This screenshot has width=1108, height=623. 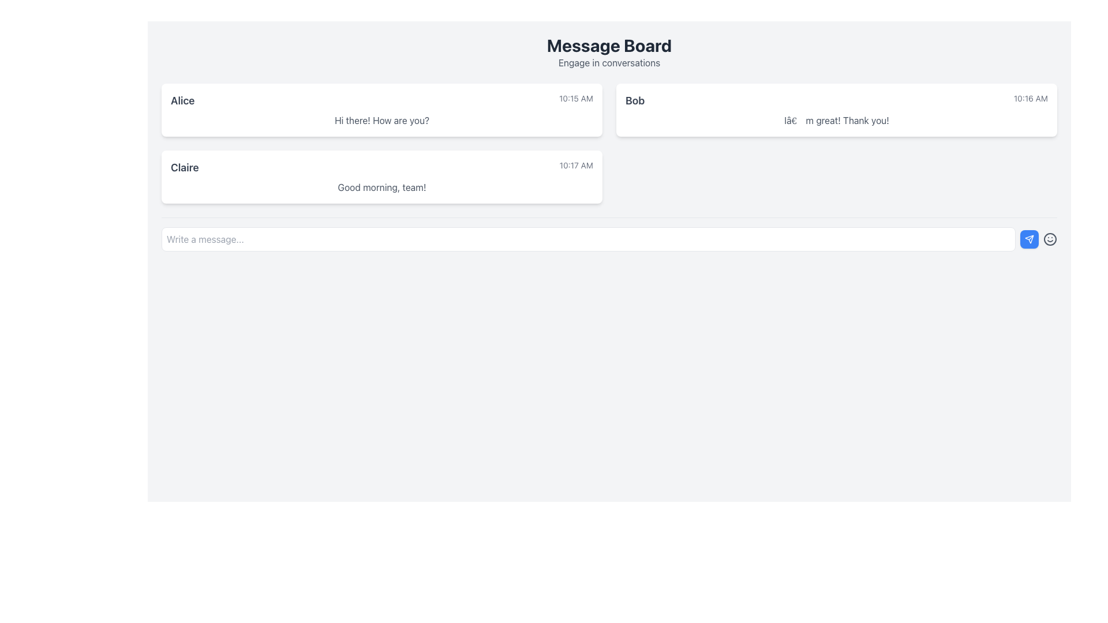 I want to click on the static text message saying "I’m great! Thank you!" from the user "Bob" at 10:16 AM, located at the bottom of the chat bubble, so click(x=836, y=120).